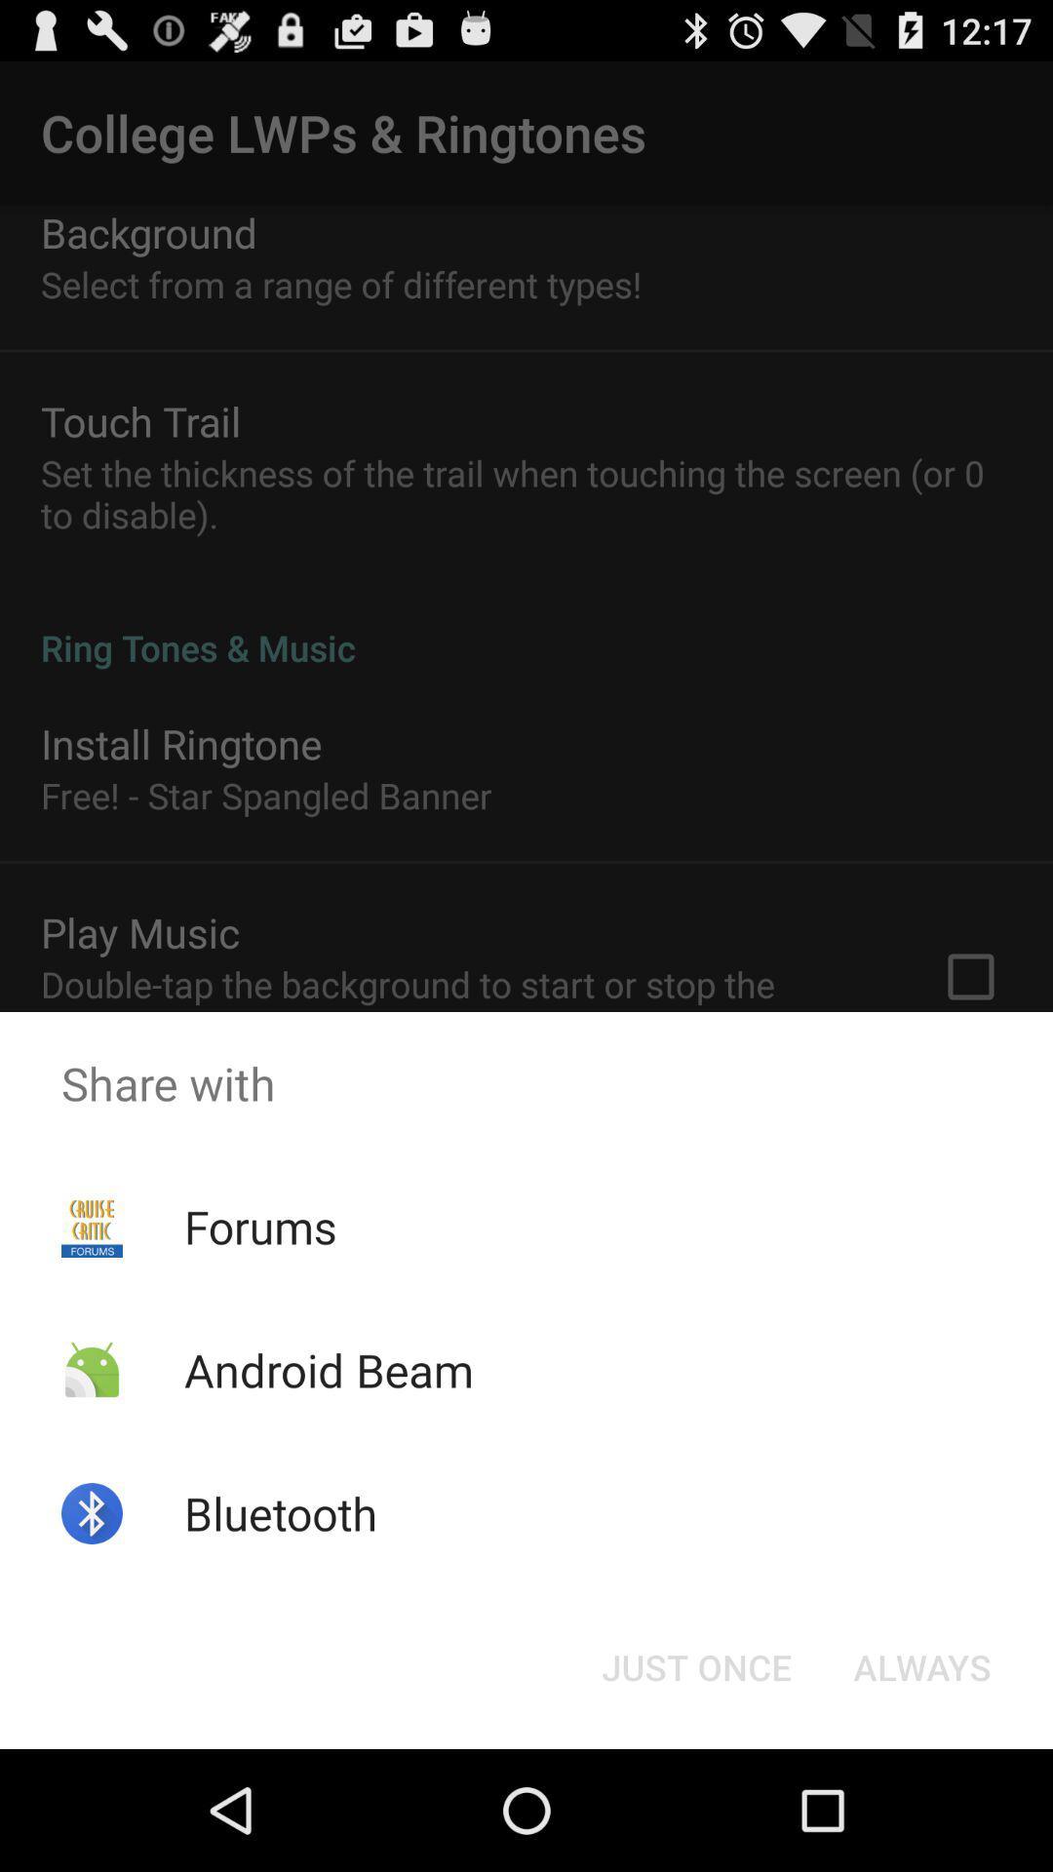  Describe the element at coordinates (259, 1226) in the screenshot. I see `forums app` at that location.